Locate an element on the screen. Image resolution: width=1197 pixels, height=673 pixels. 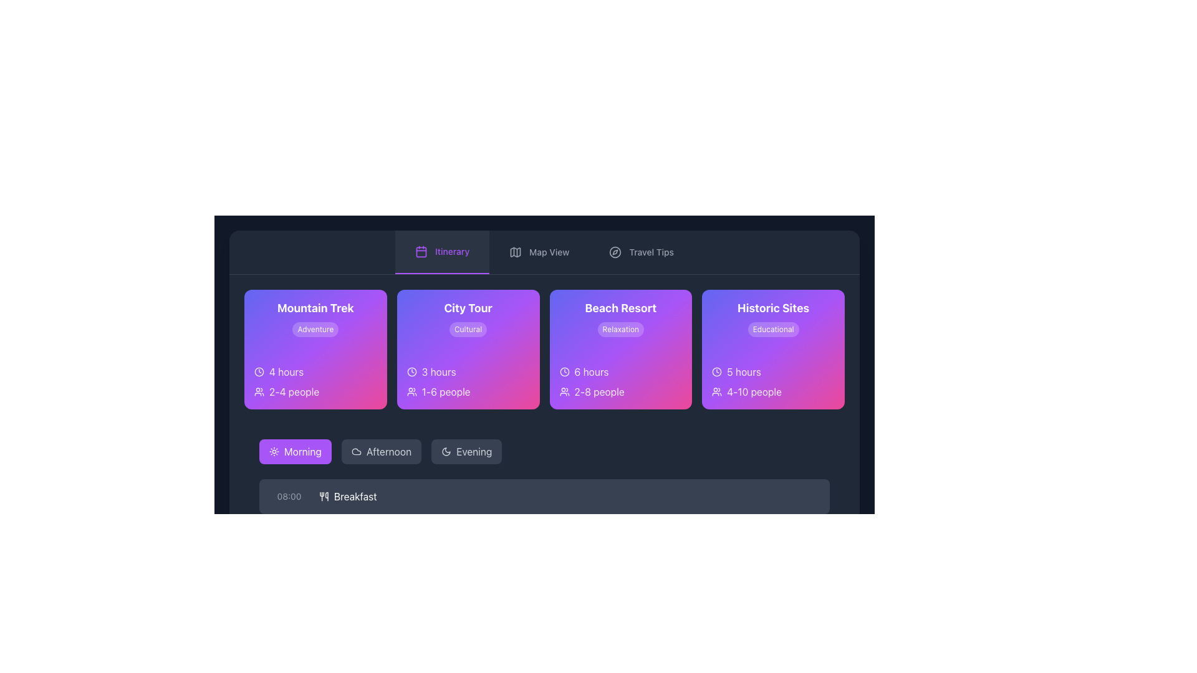
the 'Morning' button, which features a sun icon is located at coordinates (274, 452).